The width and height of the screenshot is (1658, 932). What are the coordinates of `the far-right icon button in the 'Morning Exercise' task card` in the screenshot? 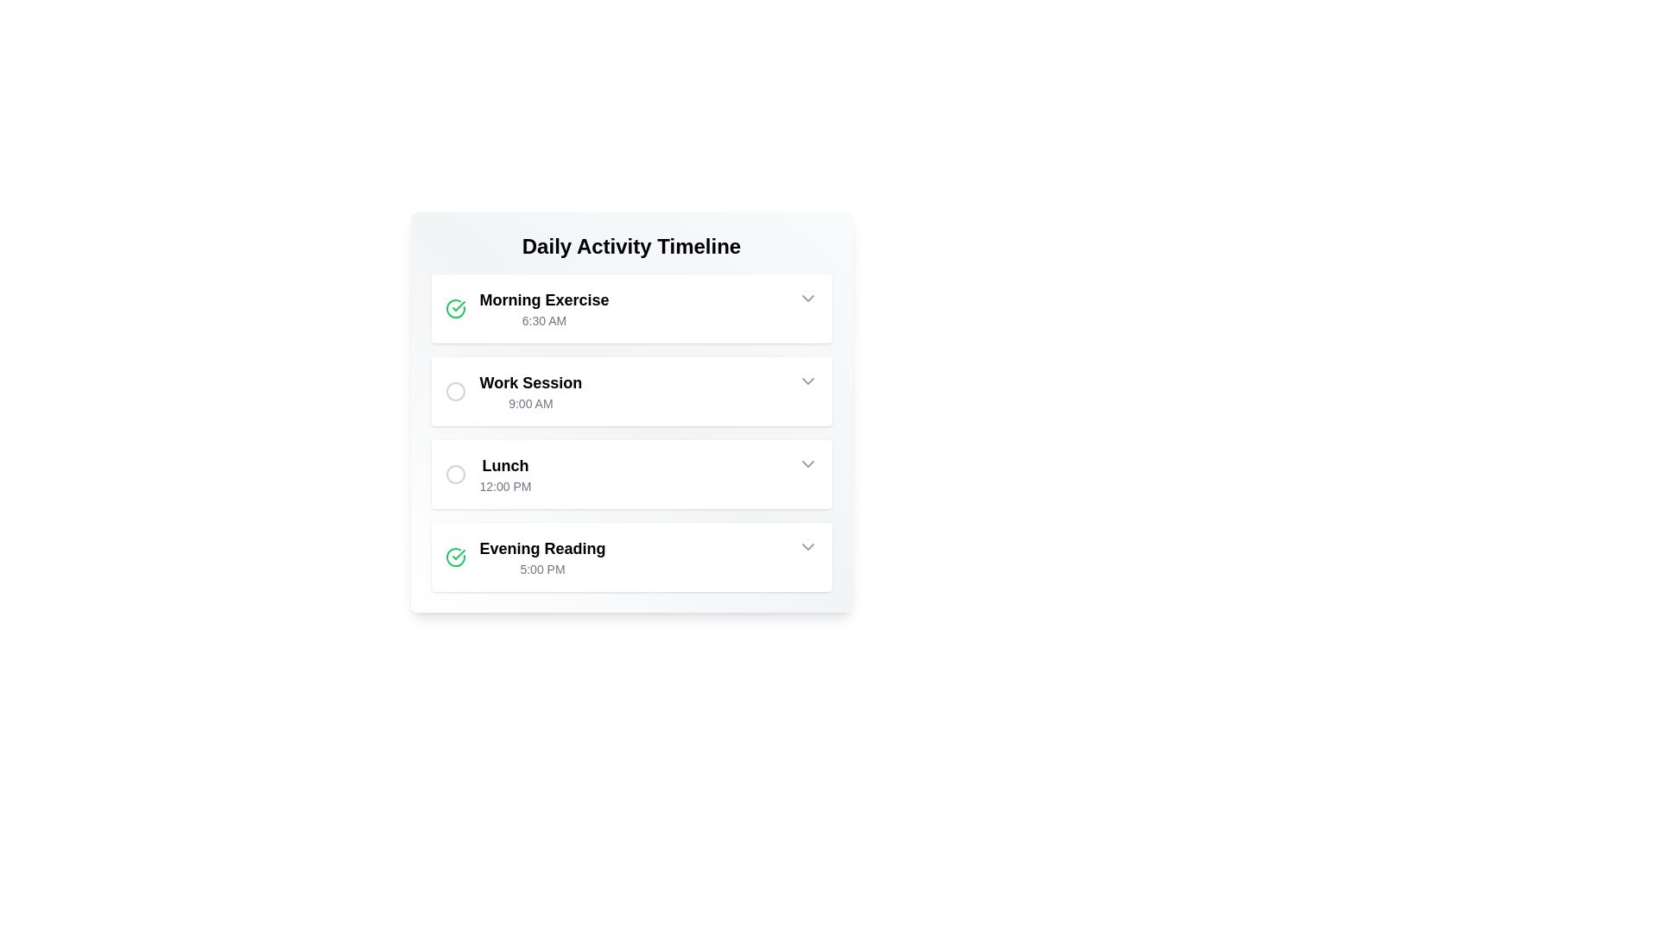 It's located at (807, 298).